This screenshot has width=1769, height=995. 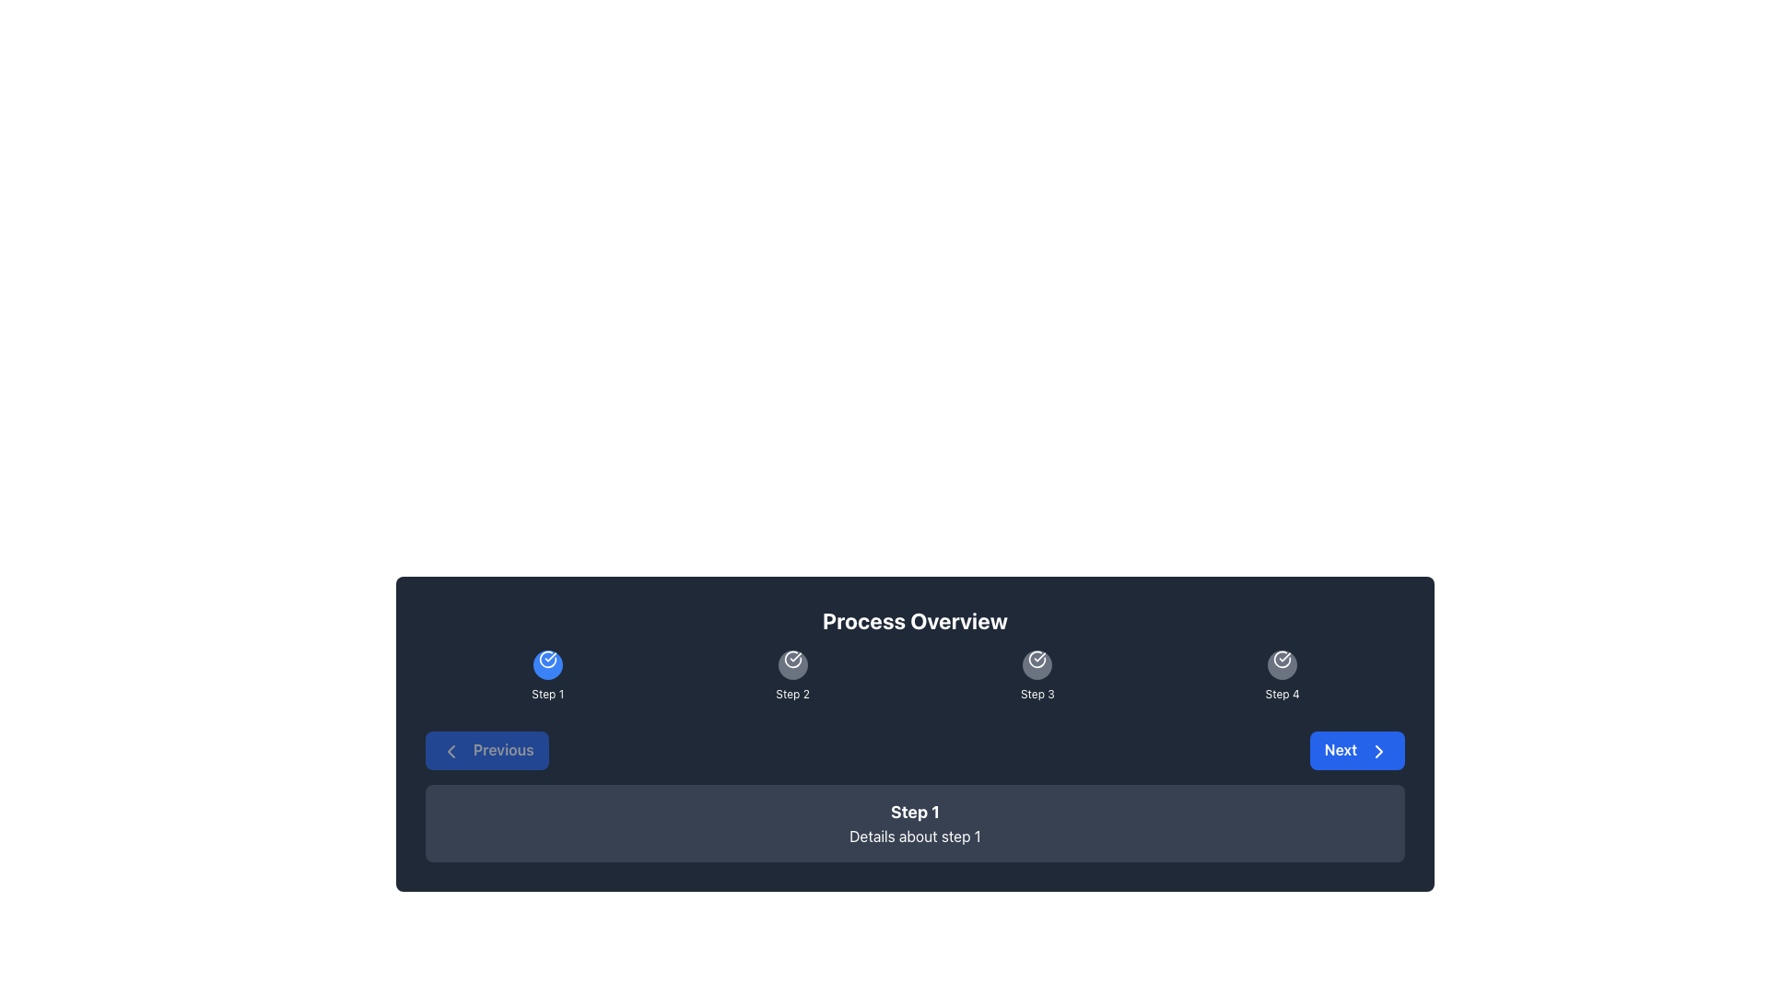 What do you see at coordinates (486, 750) in the screenshot?
I see `the 'Previous' button located on the bottom-left side of the navigation bar, which is used for moving to the previous step in a multi-step process` at bounding box center [486, 750].